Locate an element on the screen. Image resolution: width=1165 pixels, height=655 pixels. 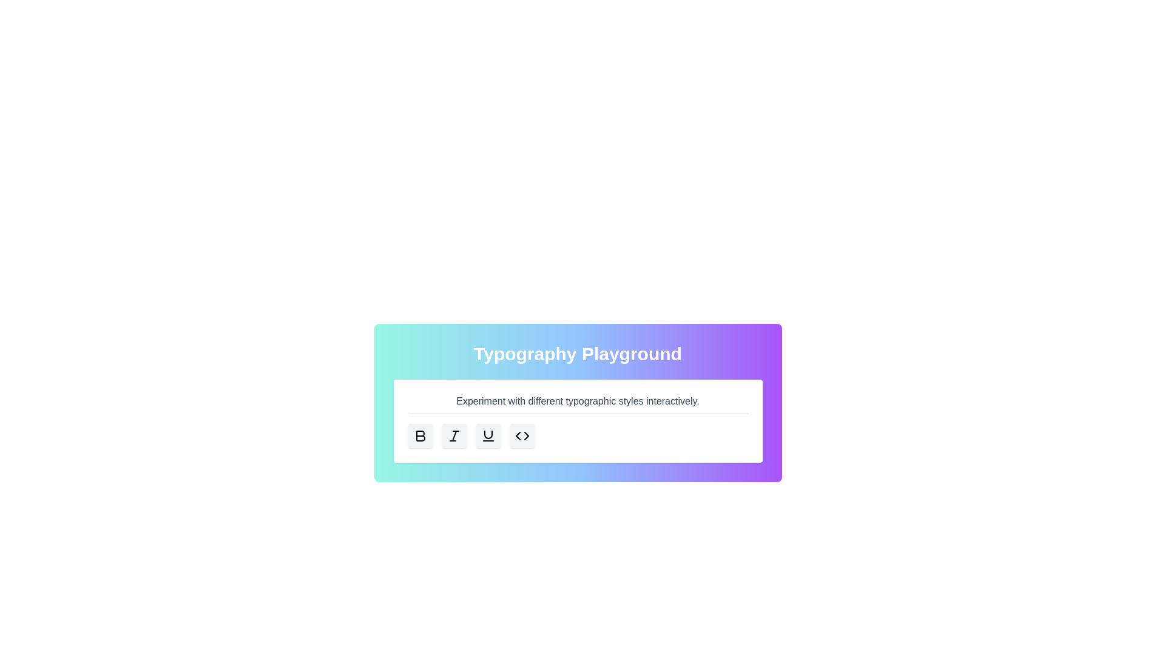
the second button from the left in the row of interactive text formatting buttons is located at coordinates (453, 435).